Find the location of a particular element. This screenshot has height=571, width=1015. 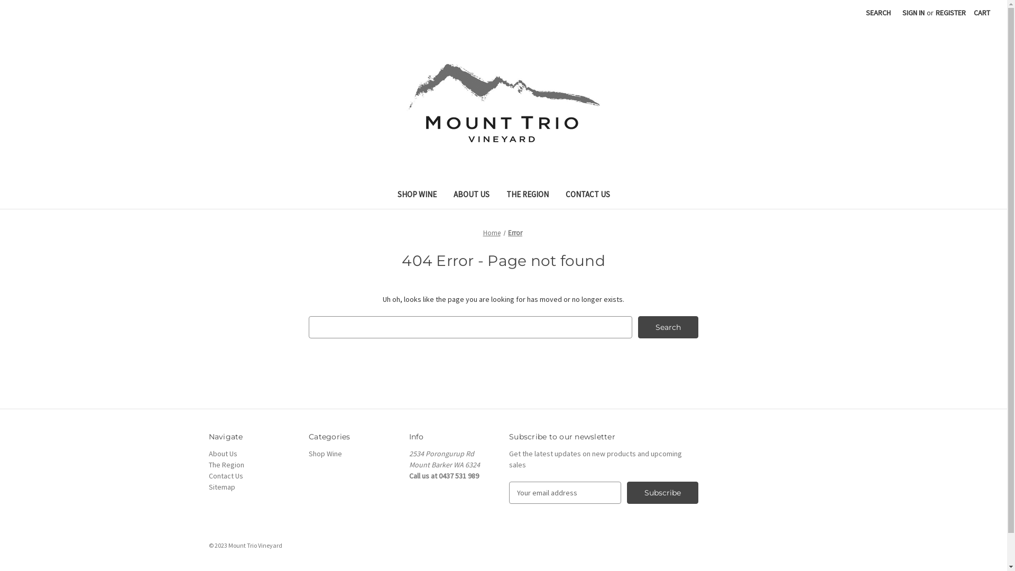

'SEARCH' is located at coordinates (860, 13).